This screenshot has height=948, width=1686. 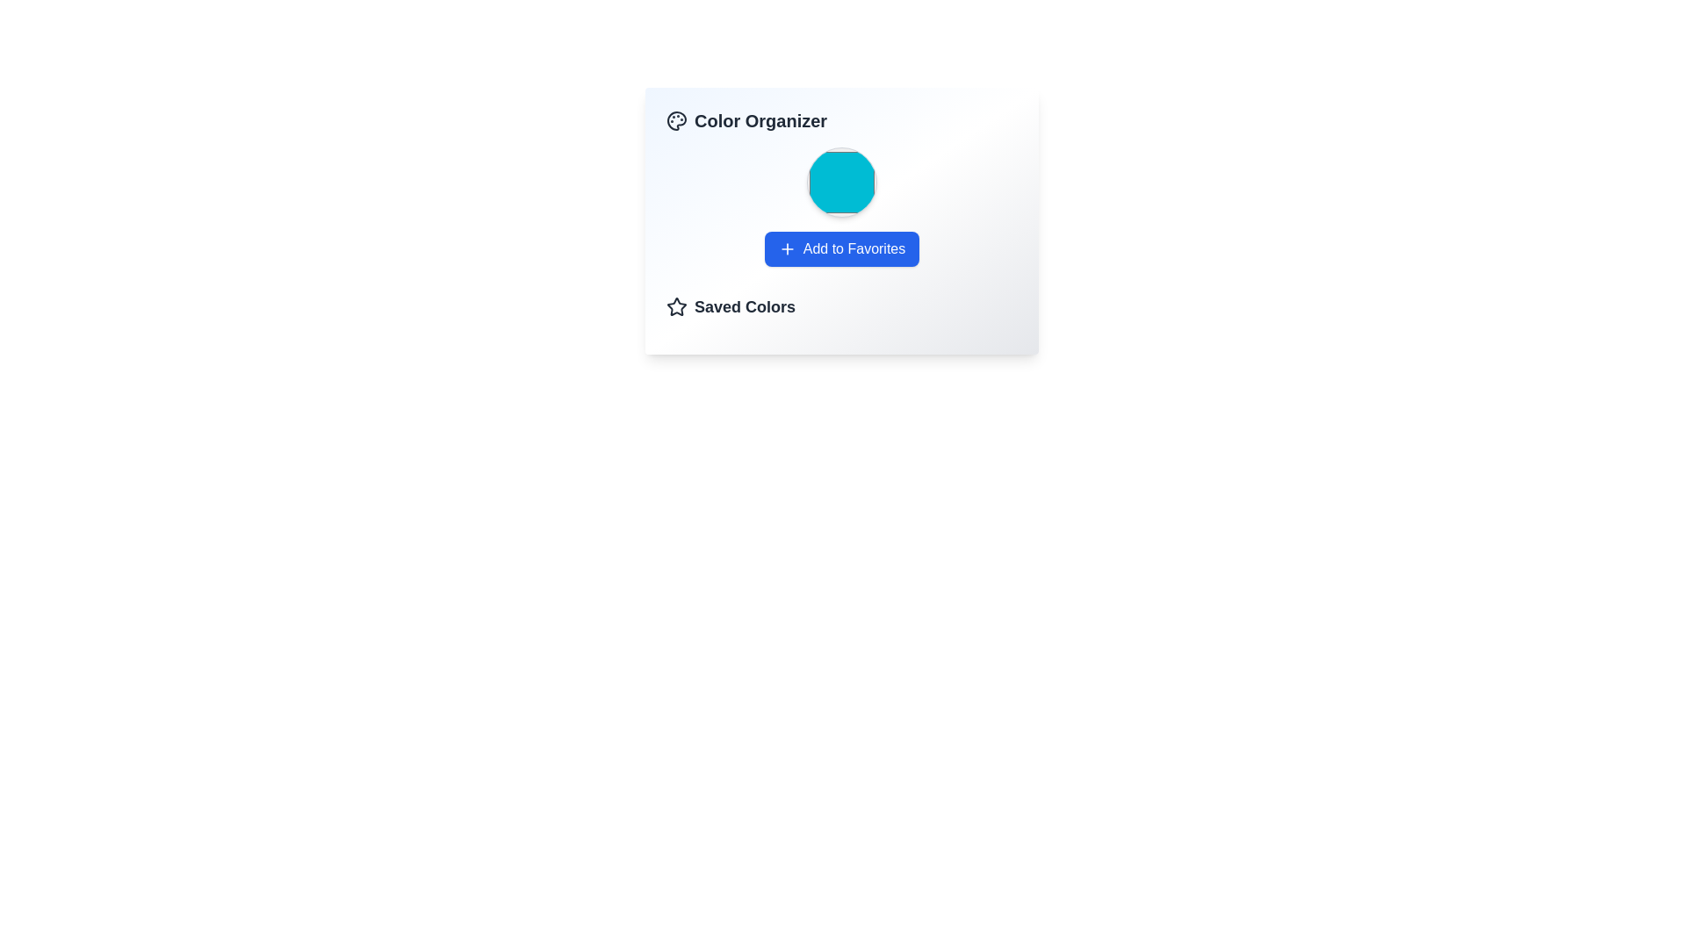 I want to click on decorative SVG icon associated with saving or marking colors located at the bottom-left part of the card next to the 'Saved Colors' label, so click(x=676, y=305).